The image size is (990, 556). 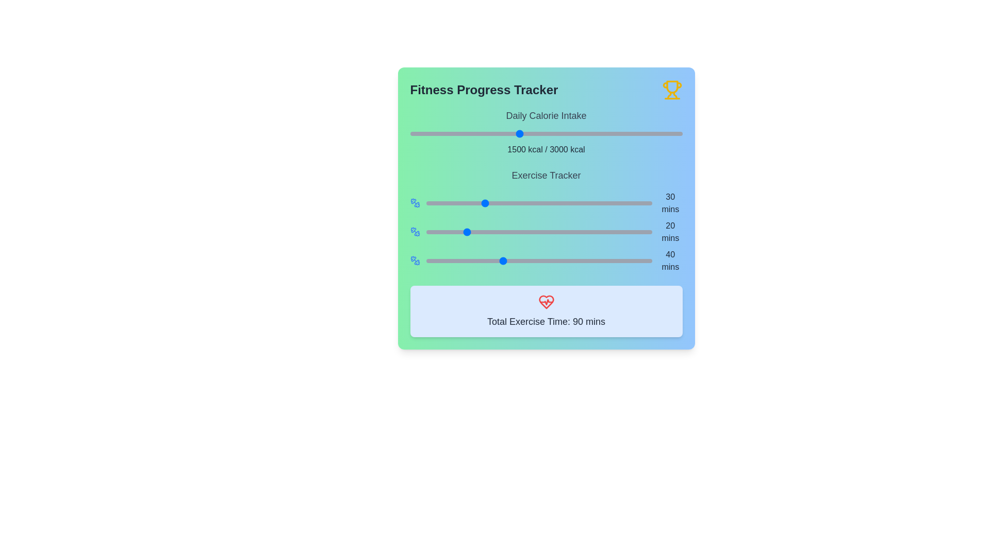 What do you see at coordinates (505, 203) in the screenshot?
I see `the exercise time` at bounding box center [505, 203].